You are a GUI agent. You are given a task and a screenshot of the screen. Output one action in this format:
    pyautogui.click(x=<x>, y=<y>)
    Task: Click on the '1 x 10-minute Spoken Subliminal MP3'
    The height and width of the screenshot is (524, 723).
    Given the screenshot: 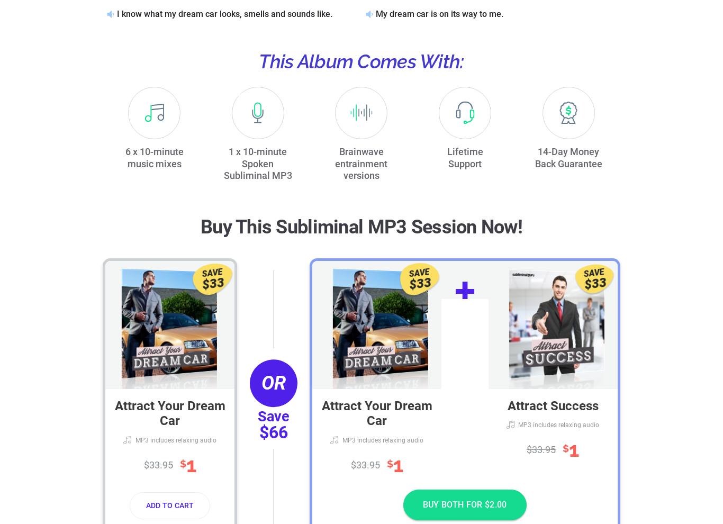 What is the action you would take?
    pyautogui.click(x=257, y=162)
    